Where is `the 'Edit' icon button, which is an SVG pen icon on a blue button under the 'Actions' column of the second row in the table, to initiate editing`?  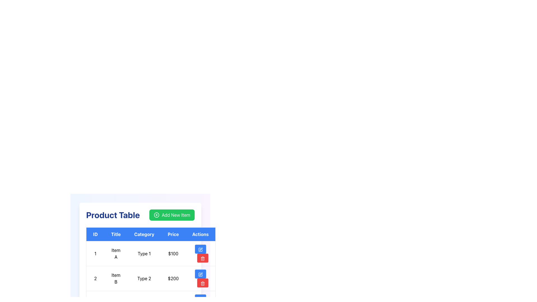
the 'Edit' icon button, which is an SVG pen icon on a blue button under the 'Actions' column of the second row in the table, to initiate editing is located at coordinates (200, 299).